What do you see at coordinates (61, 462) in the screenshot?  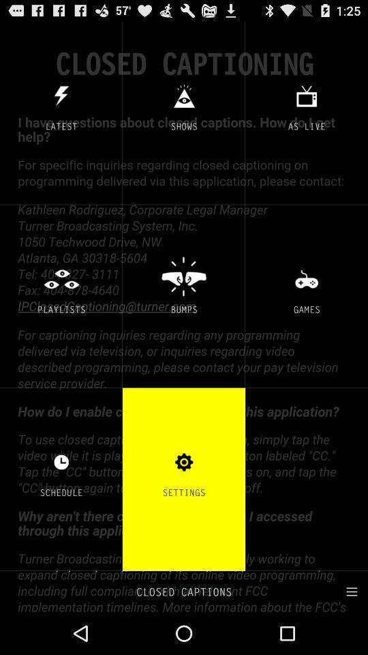 I see `icon above schedule at bottom left corner` at bounding box center [61, 462].